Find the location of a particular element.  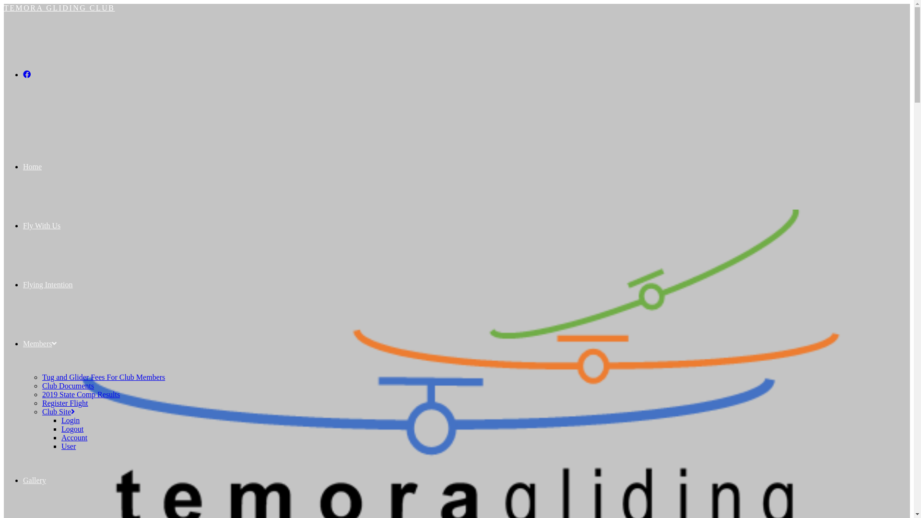

'Club Site' is located at coordinates (58, 411).